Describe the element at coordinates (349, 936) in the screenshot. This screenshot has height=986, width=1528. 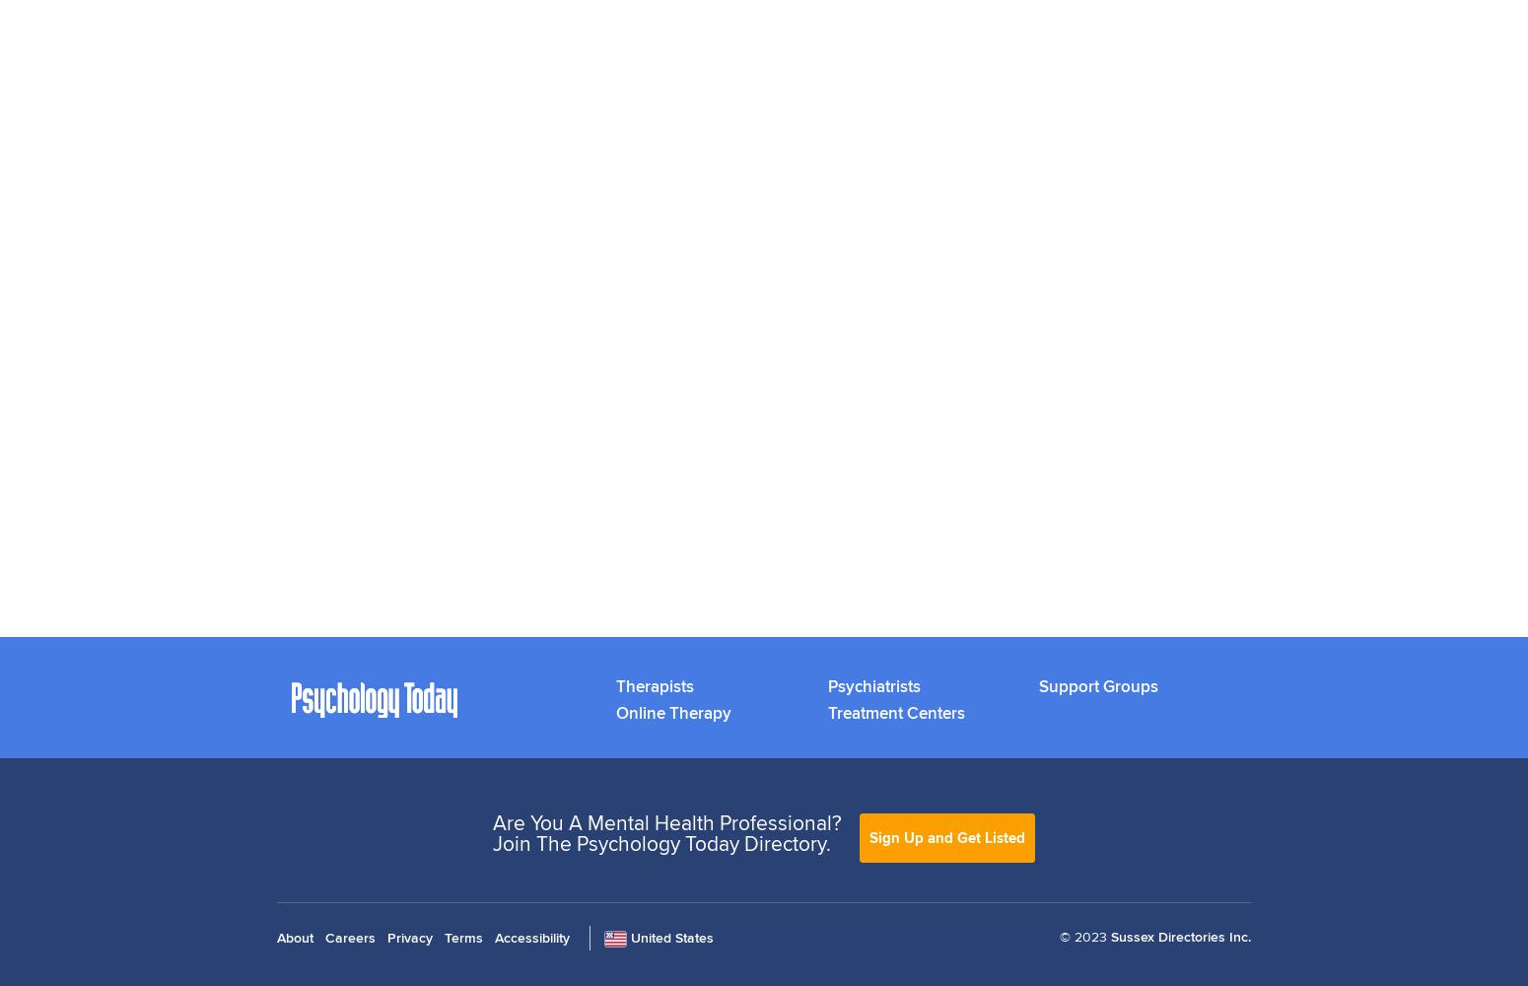
I see `'Careers'` at that location.